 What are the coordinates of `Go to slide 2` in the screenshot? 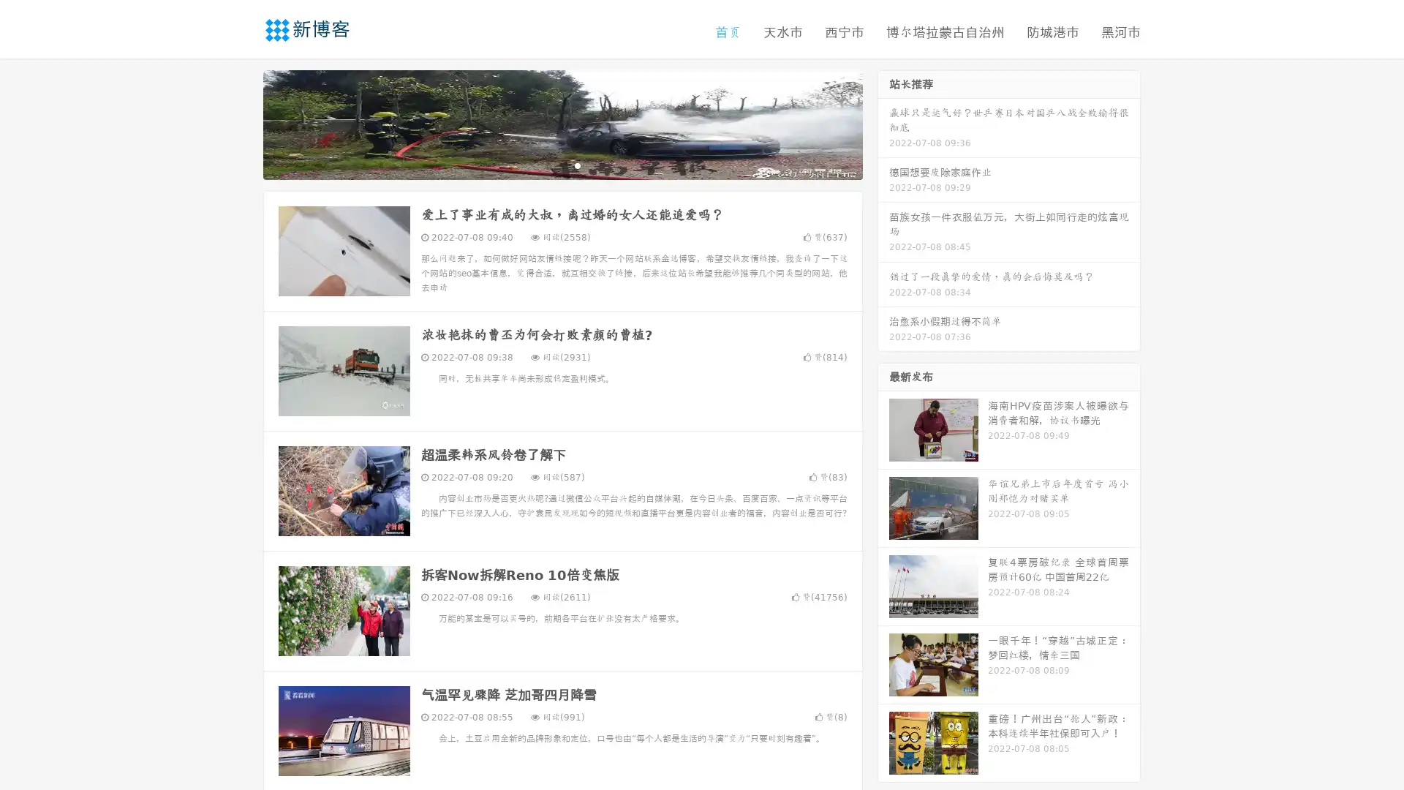 It's located at (562, 165).